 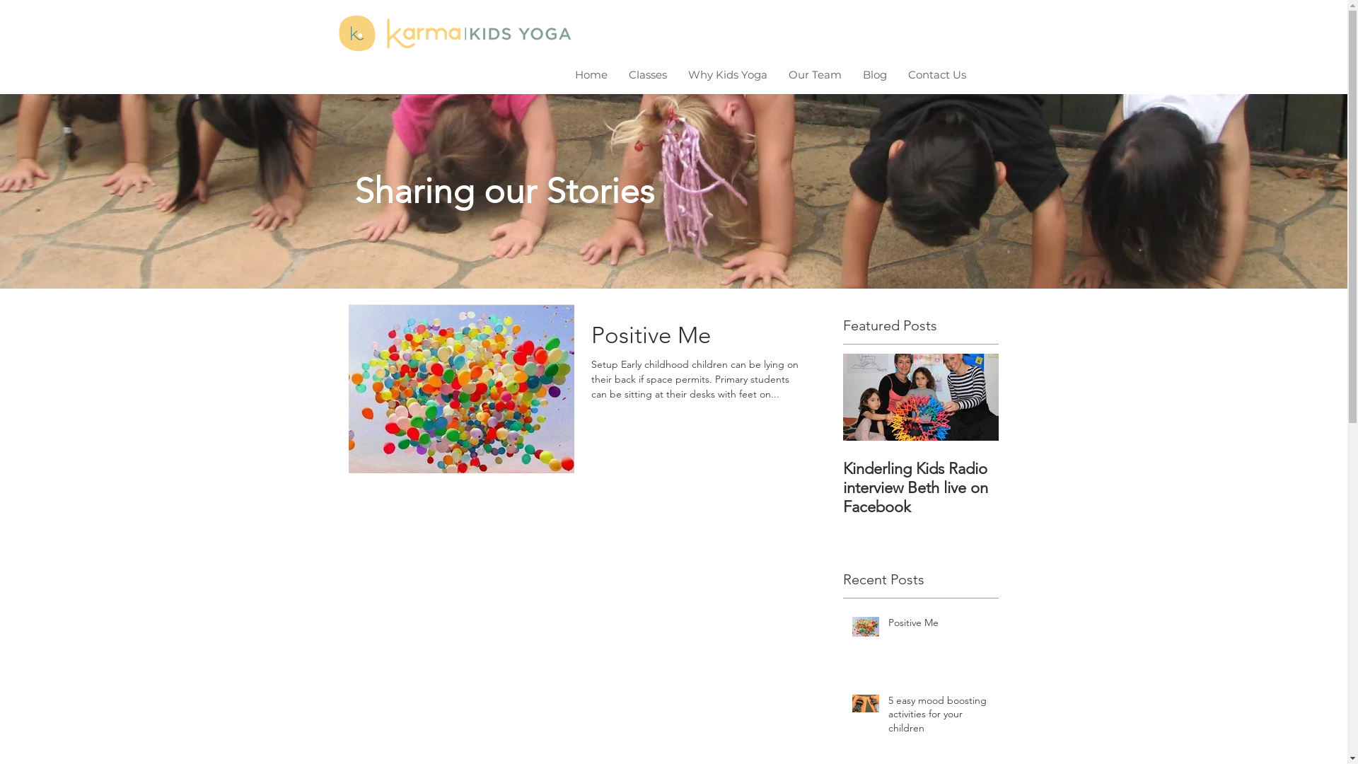 I want to click on 'Blog', so click(x=874, y=74).